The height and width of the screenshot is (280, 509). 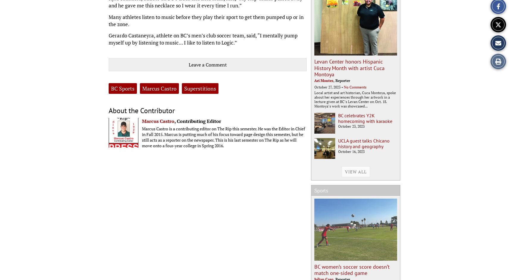 I want to click on 'BC women’s soccer score doesn’t match one-sided game', so click(x=352, y=269).